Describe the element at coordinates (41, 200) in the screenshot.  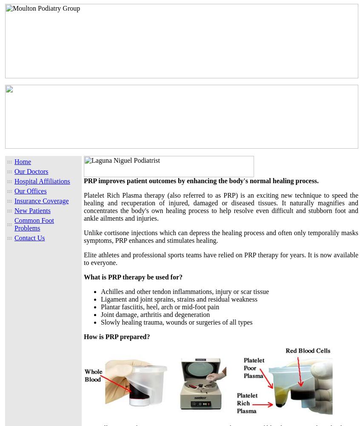
I see `'Insurance Coverage'` at that location.